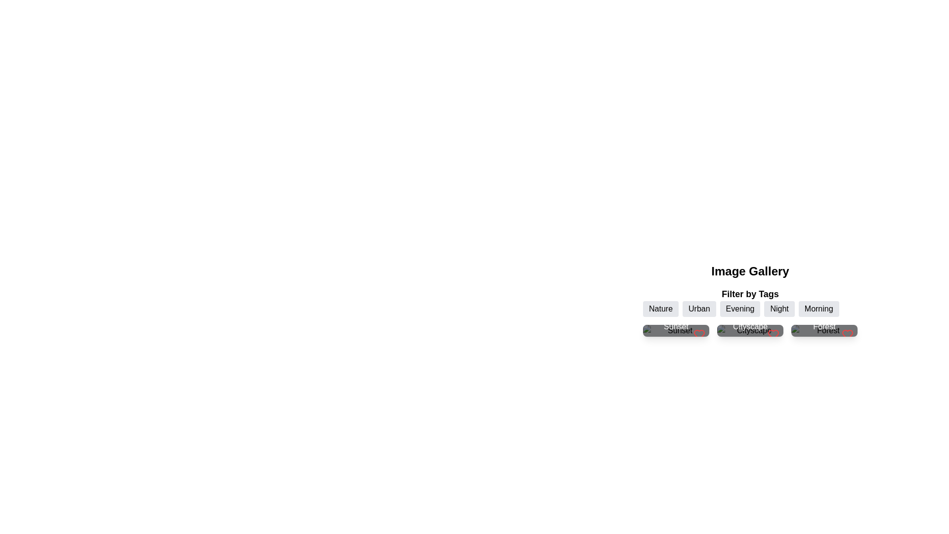 The height and width of the screenshot is (534, 949). What do you see at coordinates (676, 326) in the screenshot?
I see `the 'Sunset' text label located in the first section of the second row, below the 'Filter by Tags' label` at bounding box center [676, 326].